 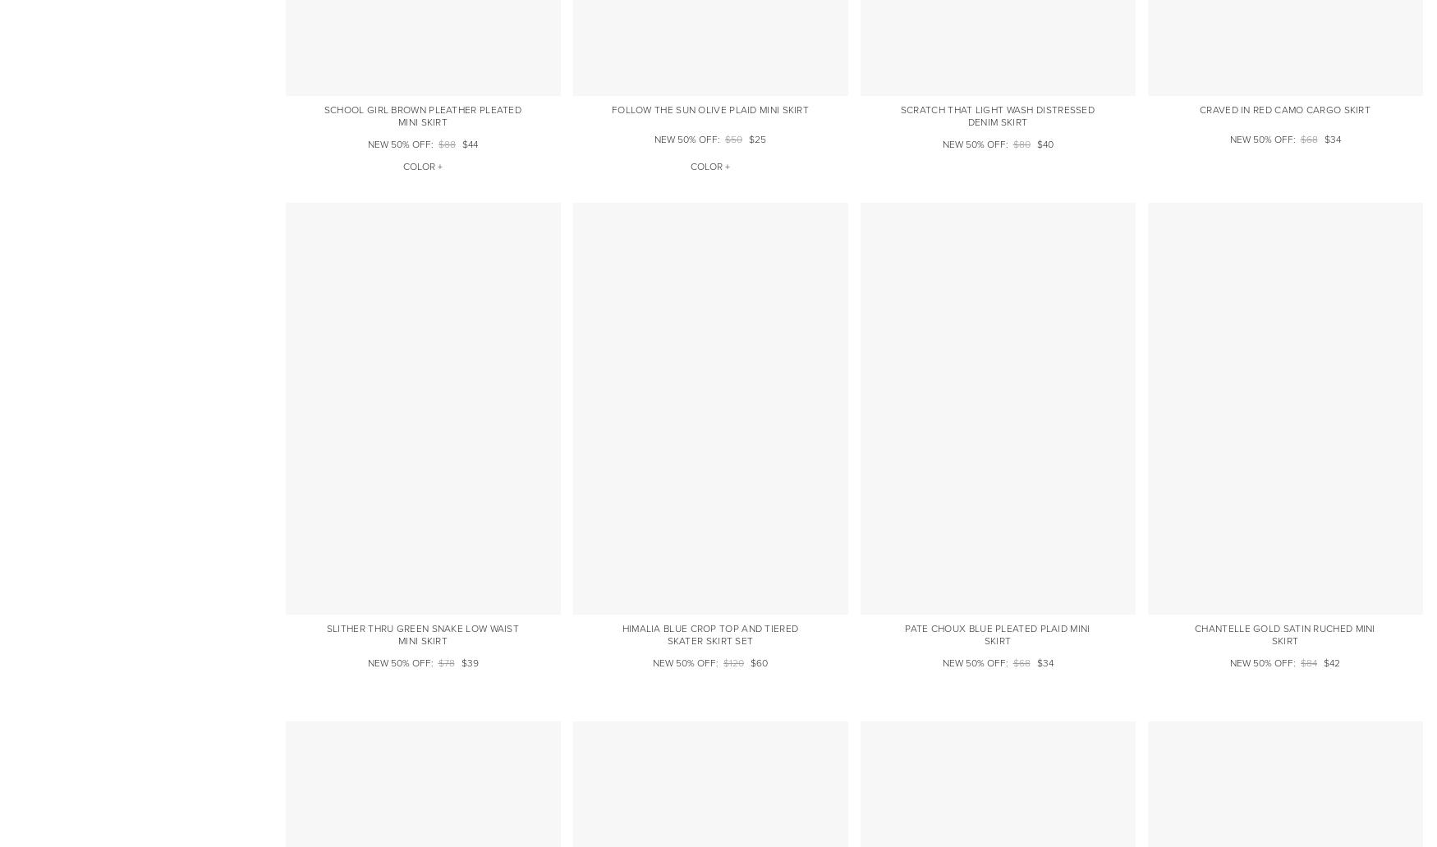 What do you see at coordinates (1309, 663) in the screenshot?
I see `'$84'` at bounding box center [1309, 663].